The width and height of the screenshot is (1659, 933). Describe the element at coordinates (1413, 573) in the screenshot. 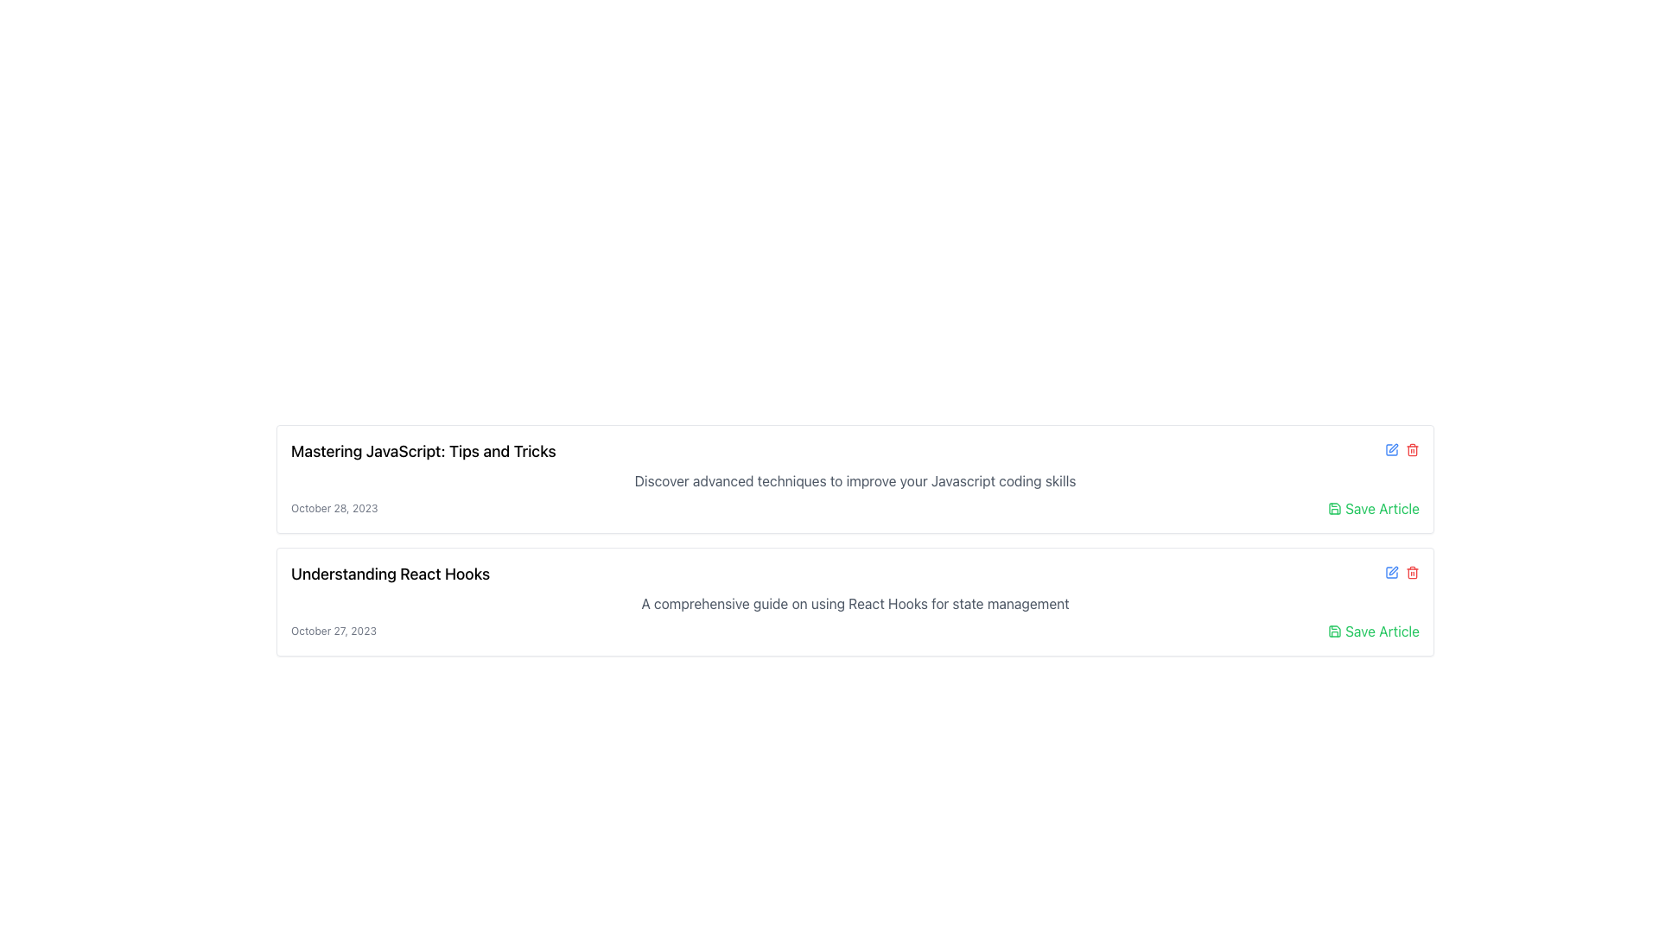

I see `the delete icon button located at the bottom right of the article card to trigger the hover effect` at that location.